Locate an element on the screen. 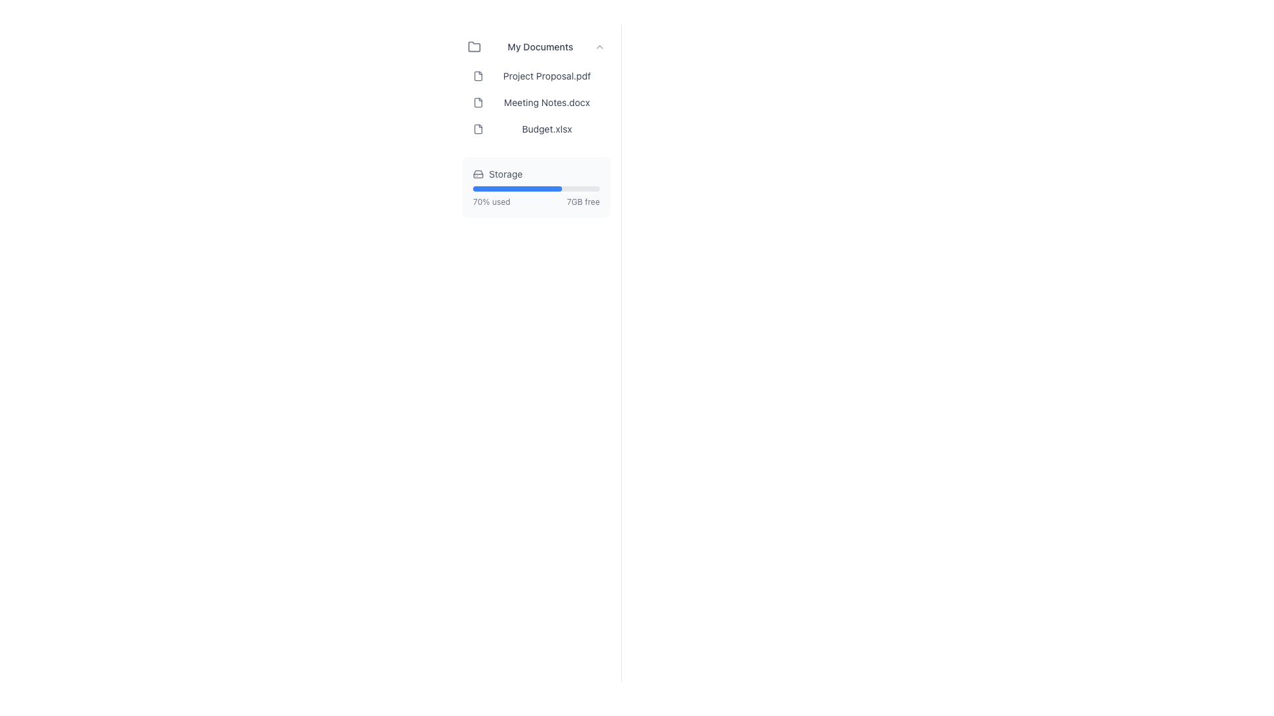  the blue segment of the progress bar that indicates 70% storage usage in the 'Storage' section of the interface is located at coordinates (516, 189).